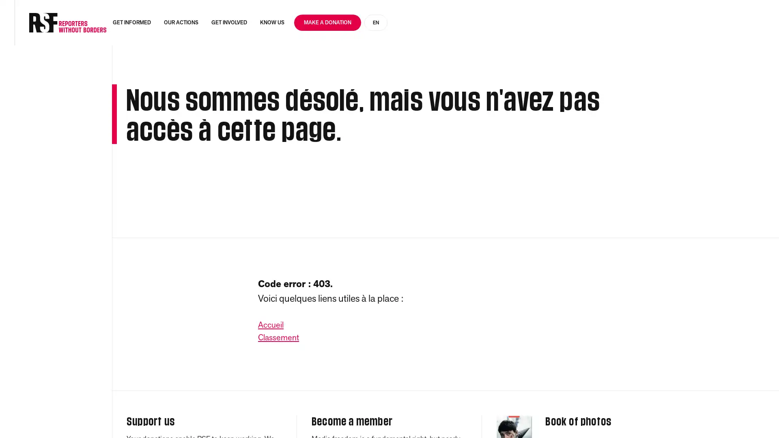 Image resolution: width=779 pixels, height=438 pixels. Describe the element at coordinates (579, 417) in the screenshot. I see `Refuse everything` at that location.